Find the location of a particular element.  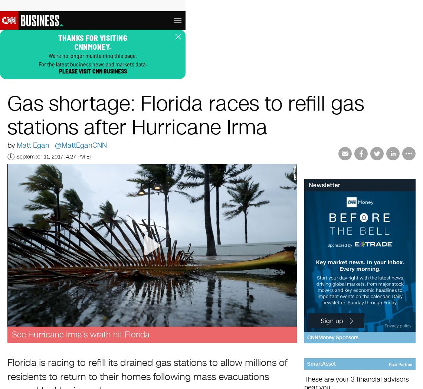

'Paid Partner' is located at coordinates (400, 364).